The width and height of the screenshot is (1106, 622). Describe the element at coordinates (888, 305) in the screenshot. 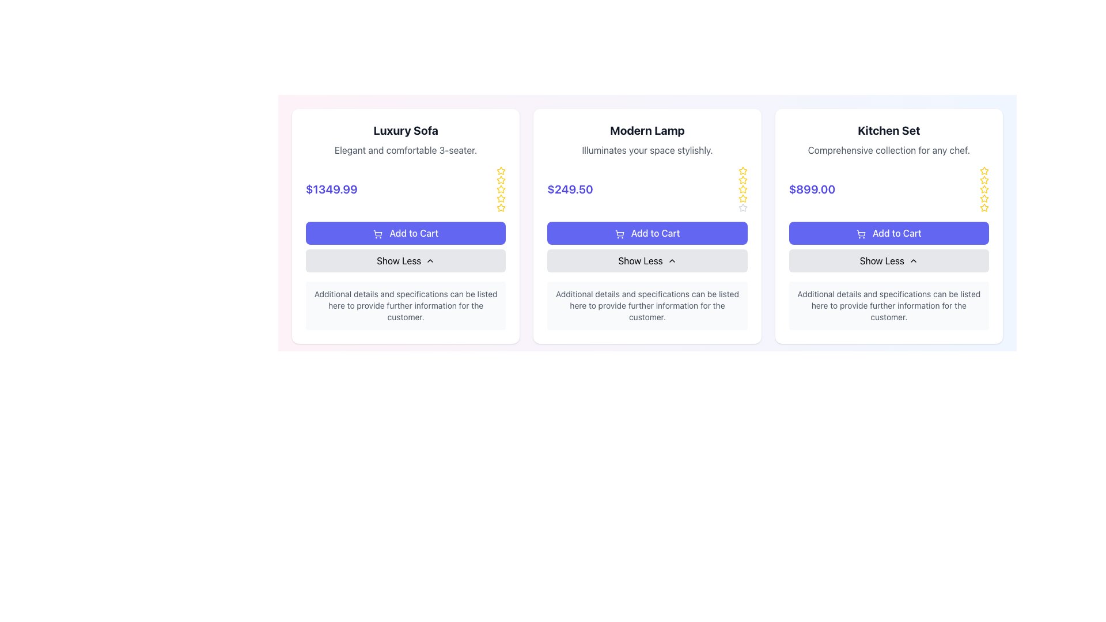

I see `the text block containing supplementary information styled with a light gray background, located below the 'Show Less' button in the 'Kitchen Set' card` at that location.